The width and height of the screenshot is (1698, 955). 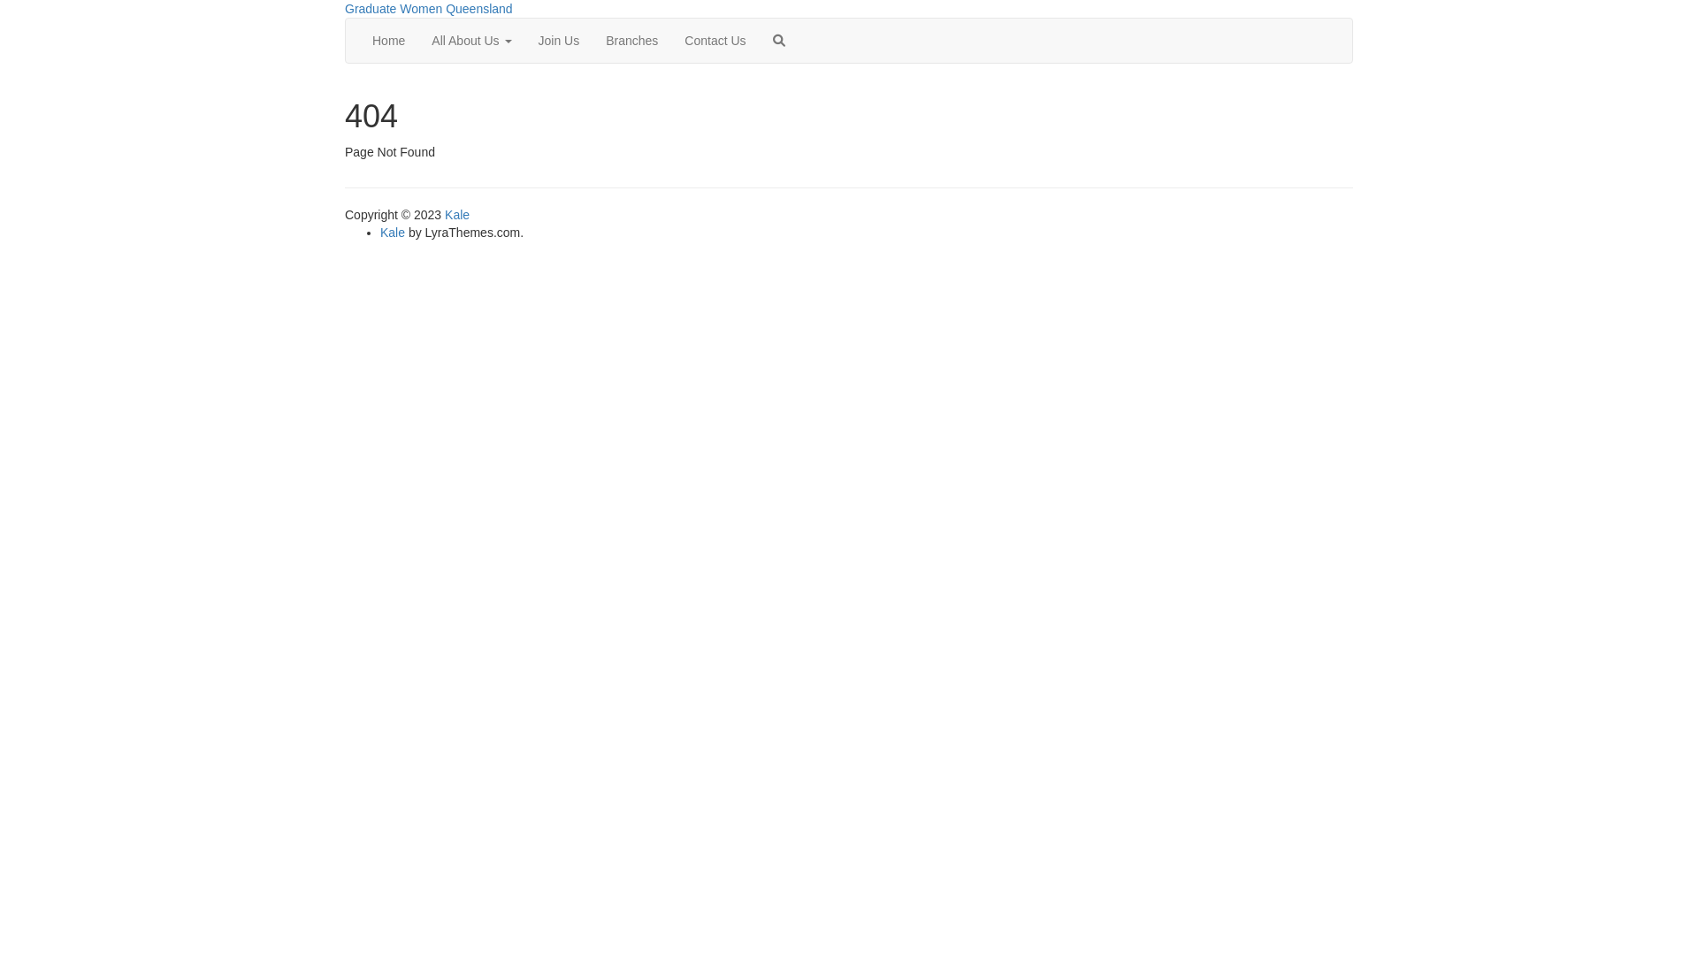 I want to click on 'Contact Us', so click(x=715, y=40).